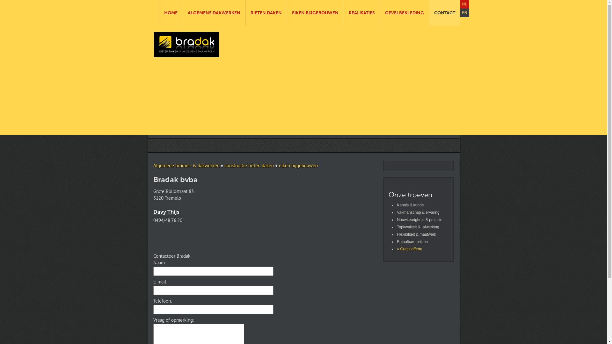 The height and width of the screenshot is (344, 612). Describe the element at coordinates (465, 13) in the screenshot. I see `'FR'` at that location.